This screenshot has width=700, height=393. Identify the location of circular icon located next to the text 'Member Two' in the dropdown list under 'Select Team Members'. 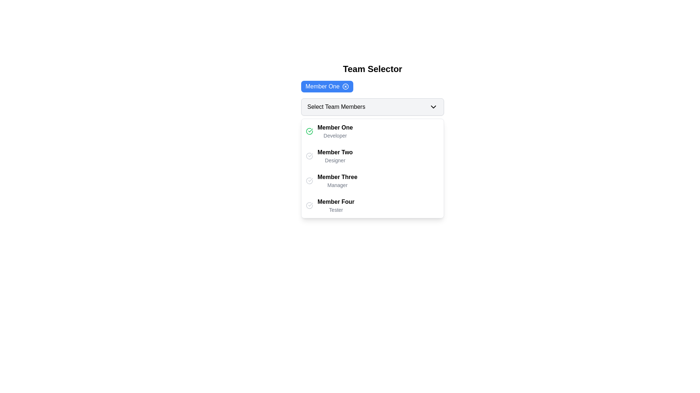
(310, 155).